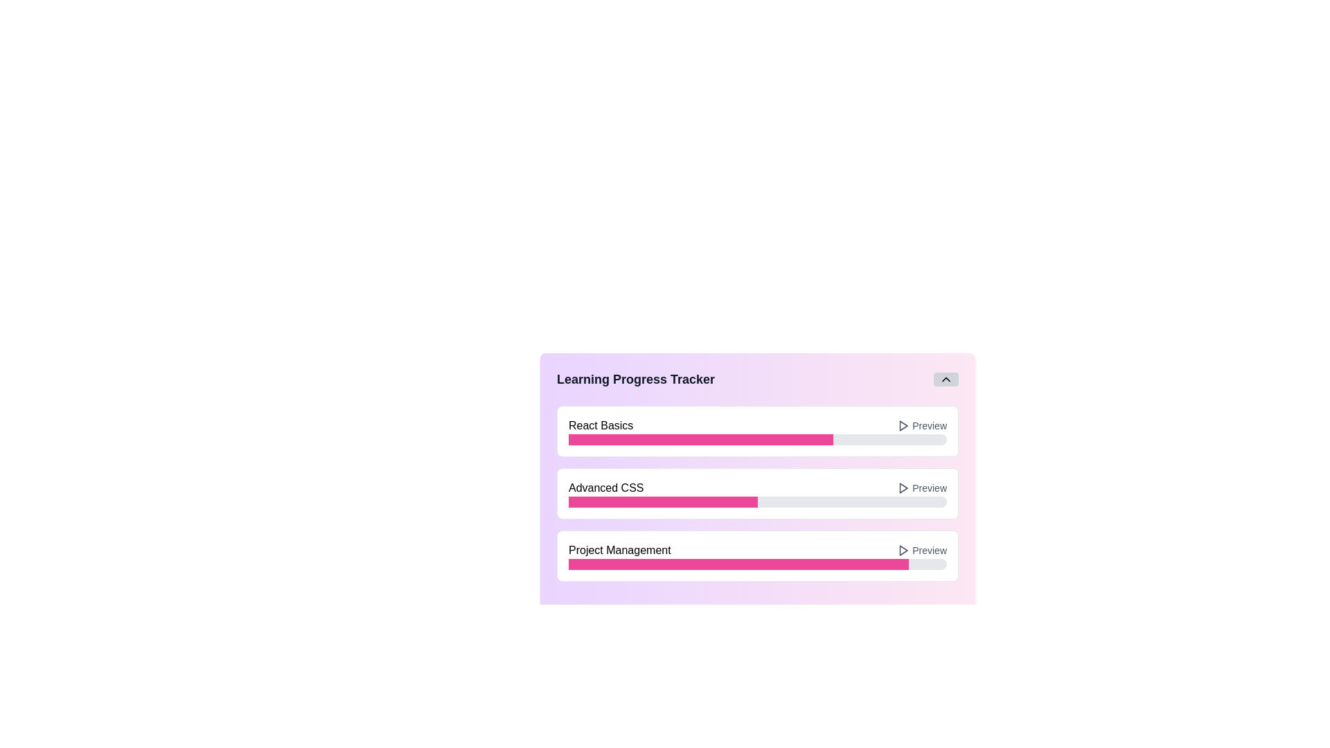 The image size is (1330, 748). What do you see at coordinates (757, 555) in the screenshot?
I see `the progress bar of the 'Project Management' course in the Learning Progress Tracker panel for more details` at bounding box center [757, 555].